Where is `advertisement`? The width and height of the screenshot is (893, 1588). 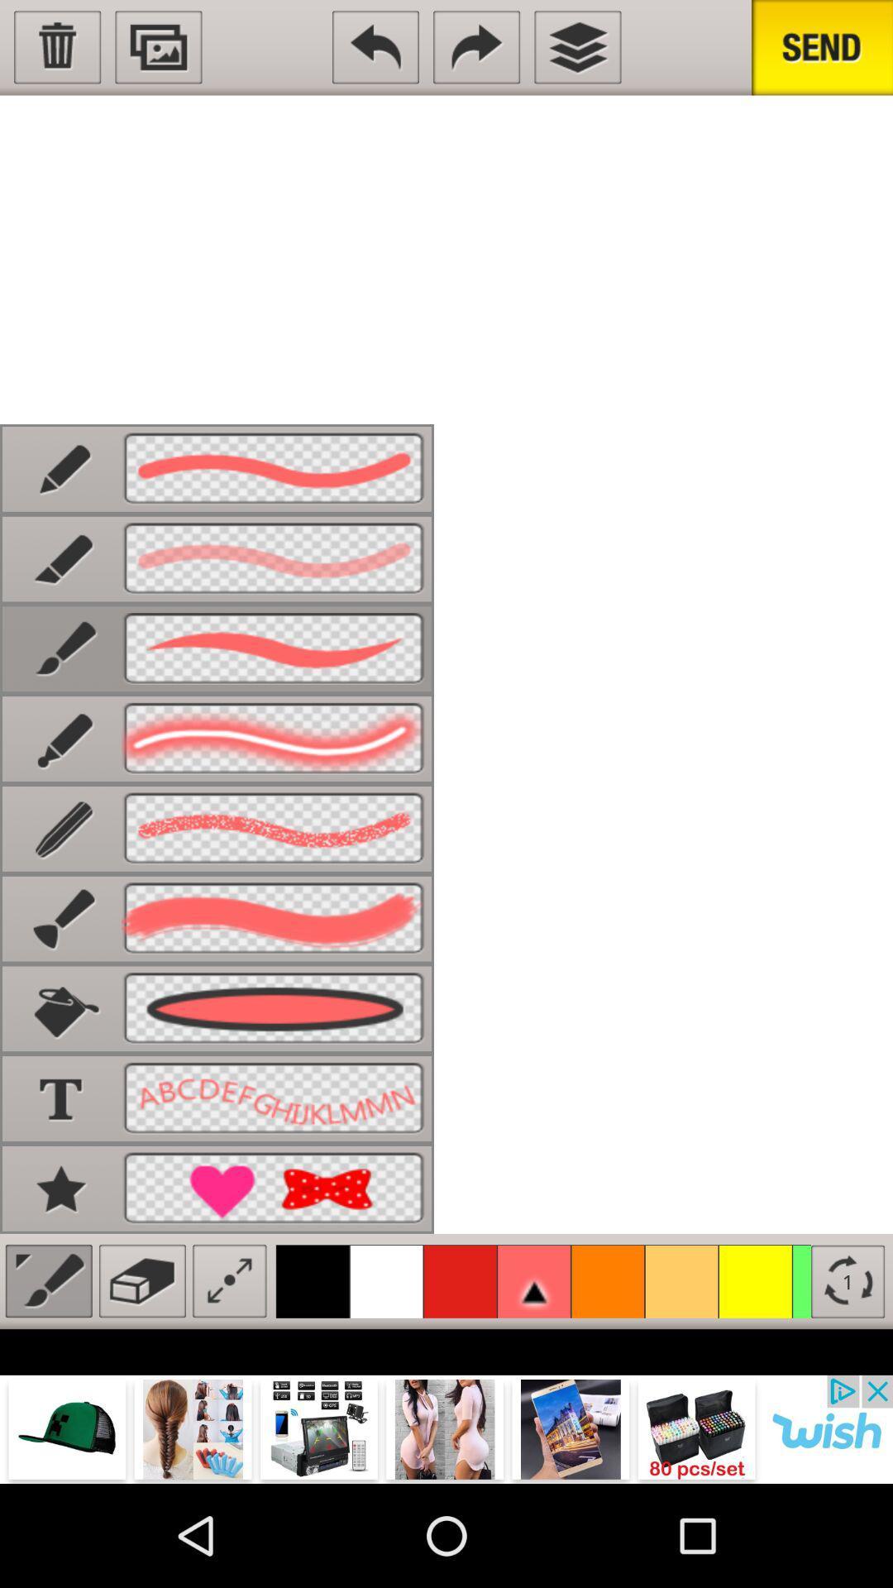
advertisement is located at coordinates (446, 1428).